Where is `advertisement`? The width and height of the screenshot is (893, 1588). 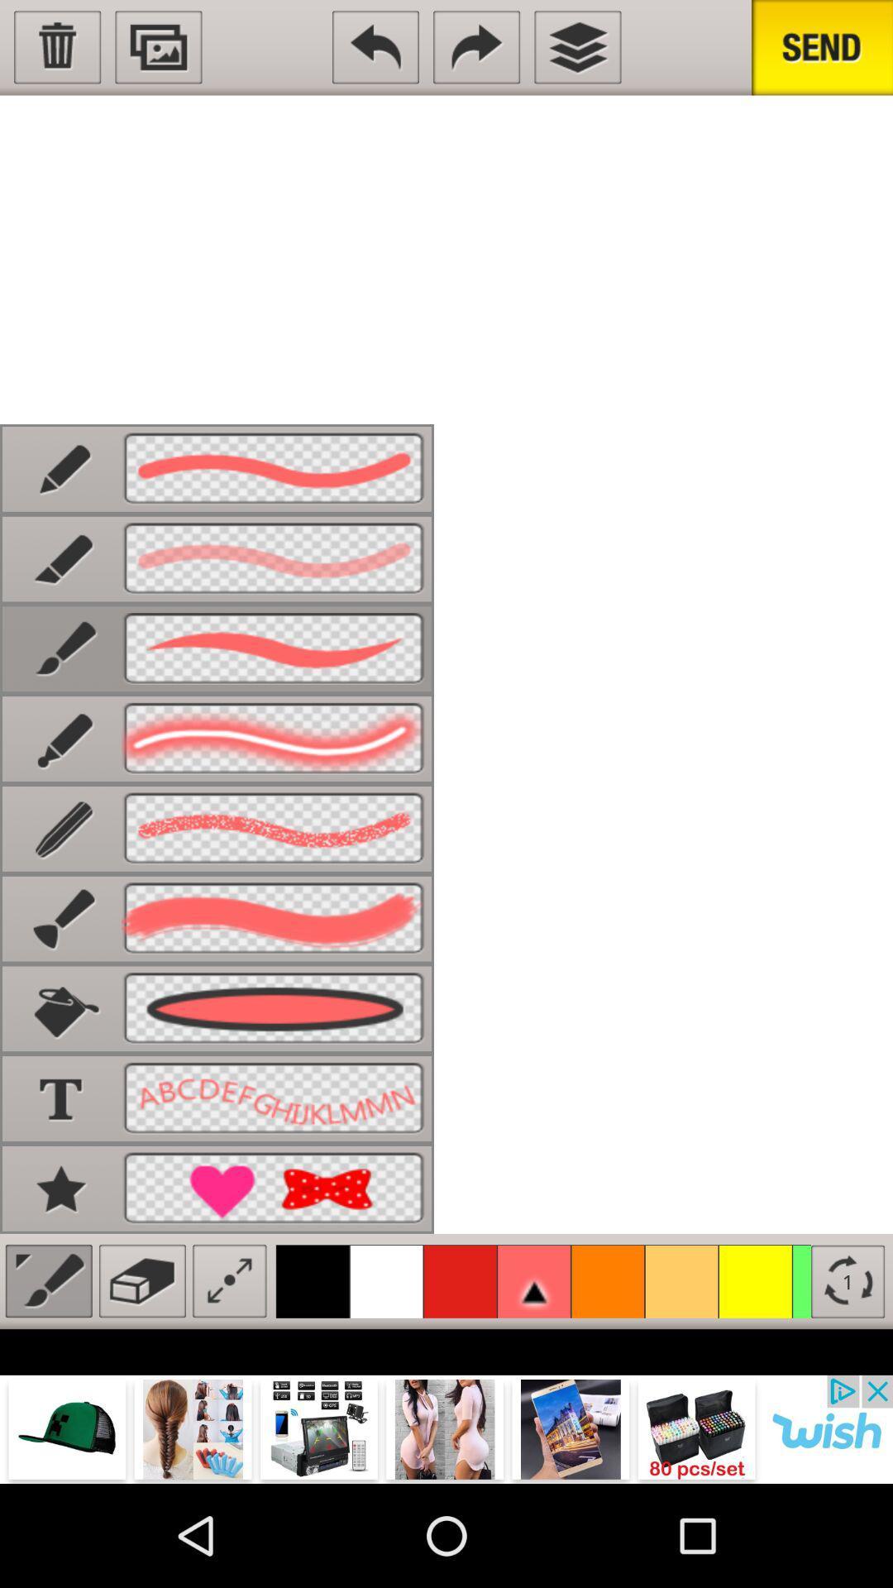
advertisement is located at coordinates (446, 1428).